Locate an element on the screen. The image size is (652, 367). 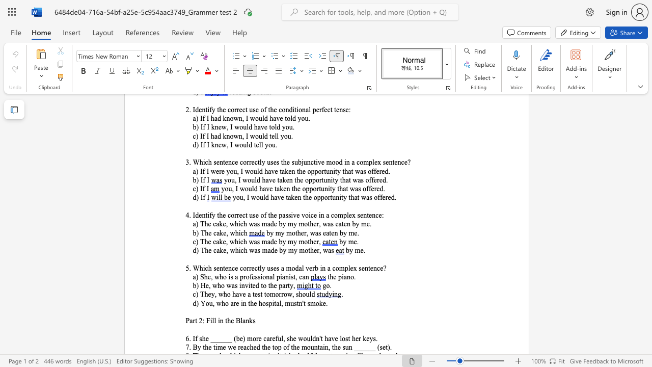
the subset text "a professional pianis" within the text "a) She, who is a professional pianist, can" is located at coordinates (234, 277).